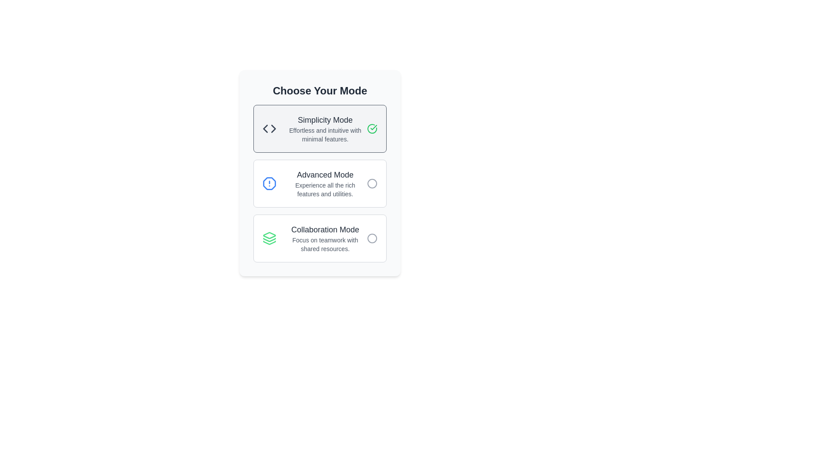 The height and width of the screenshot is (470, 836). What do you see at coordinates (325, 245) in the screenshot?
I see `the descriptive text element about 'Collaboration Mode', located in the bottom-right part of the card structure` at bounding box center [325, 245].